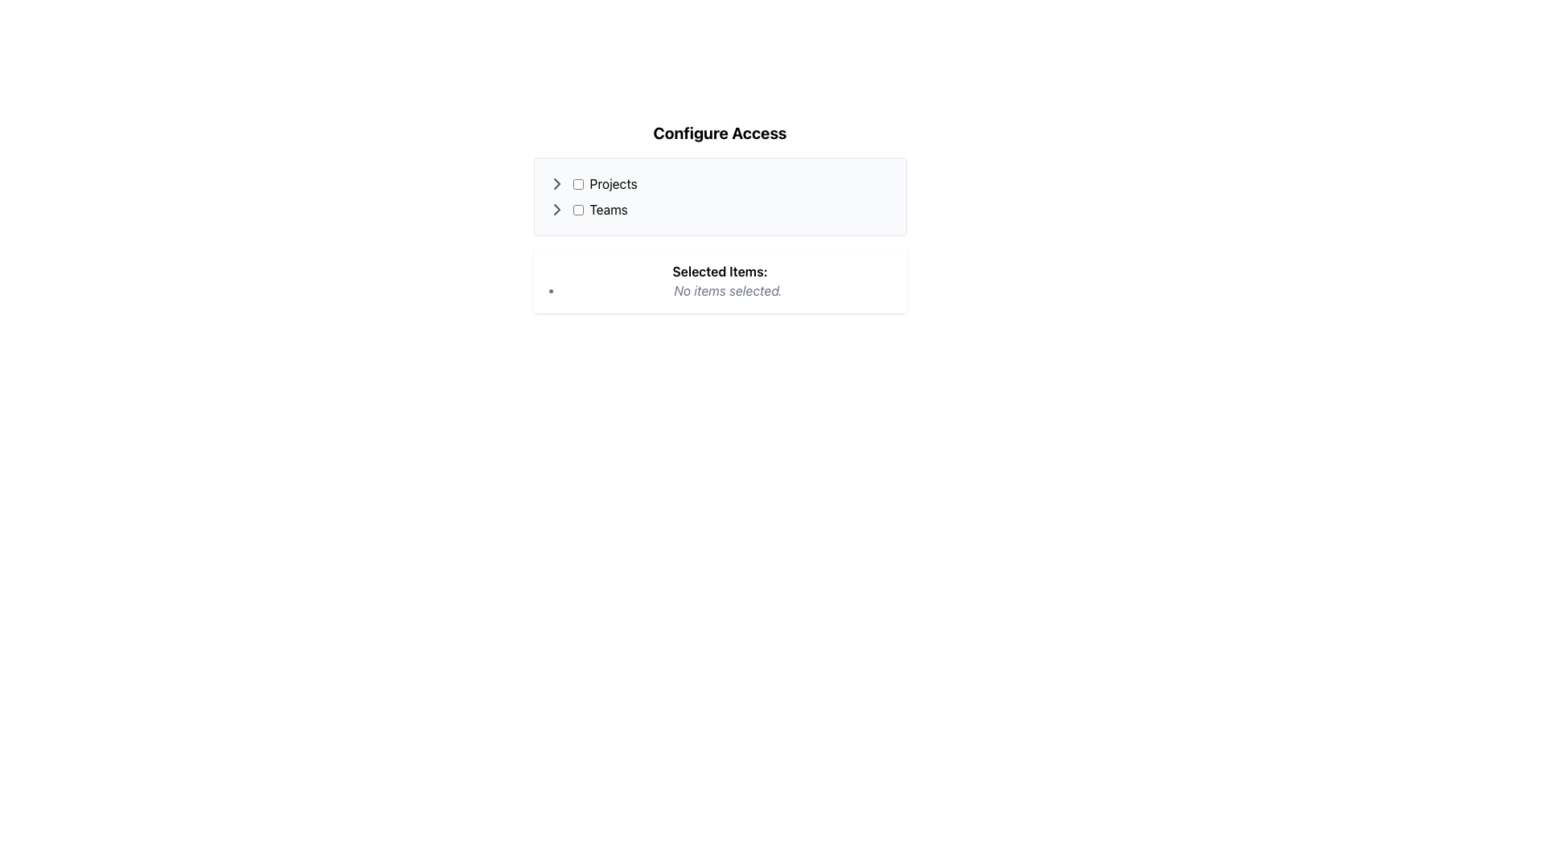 The height and width of the screenshot is (868, 1544). Describe the element at coordinates (556, 182) in the screenshot. I see `the toggle button located in the top-left corner of the 'Configure Access' section to get visual feedback` at that location.